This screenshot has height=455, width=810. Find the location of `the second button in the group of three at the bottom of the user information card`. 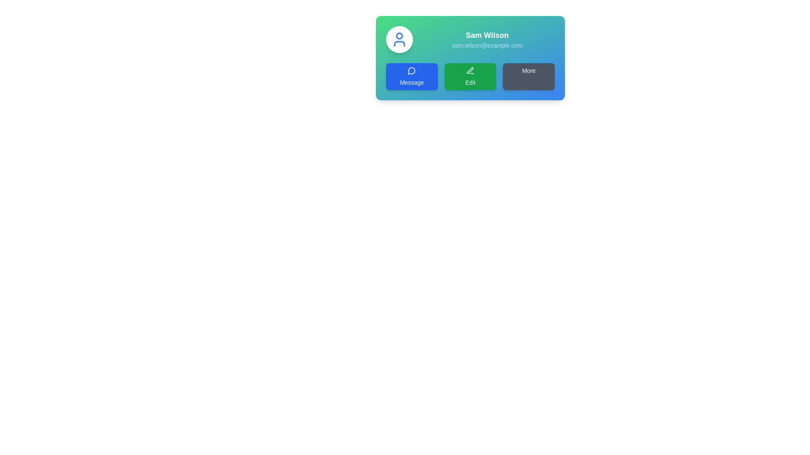

the second button in the group of three at the bottom of the user information card is located at coordinates (470, 76).